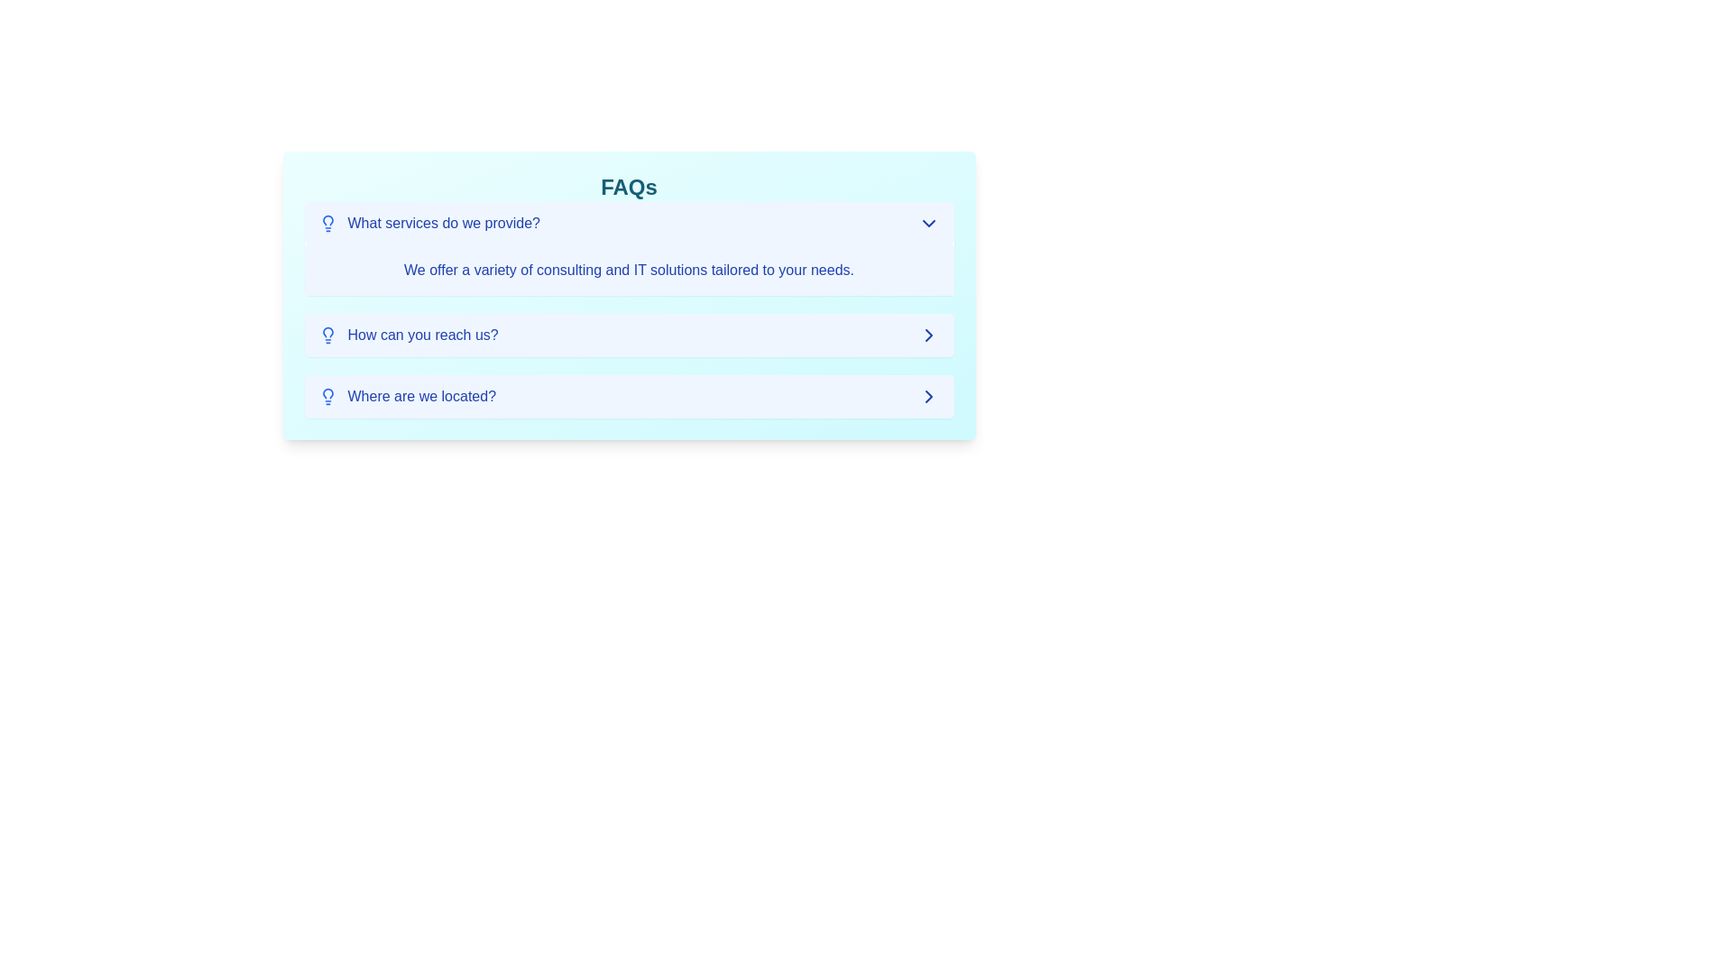 This screenshot has height=974, width=1732. What do you see at coordinates (408, 335) in the screenshot?
I see `the clickable area surrounding the text 'How can you reach us?' in the FAQ section, which includes the light bulb icon and the row it is in` at bounding box center [408, 335].